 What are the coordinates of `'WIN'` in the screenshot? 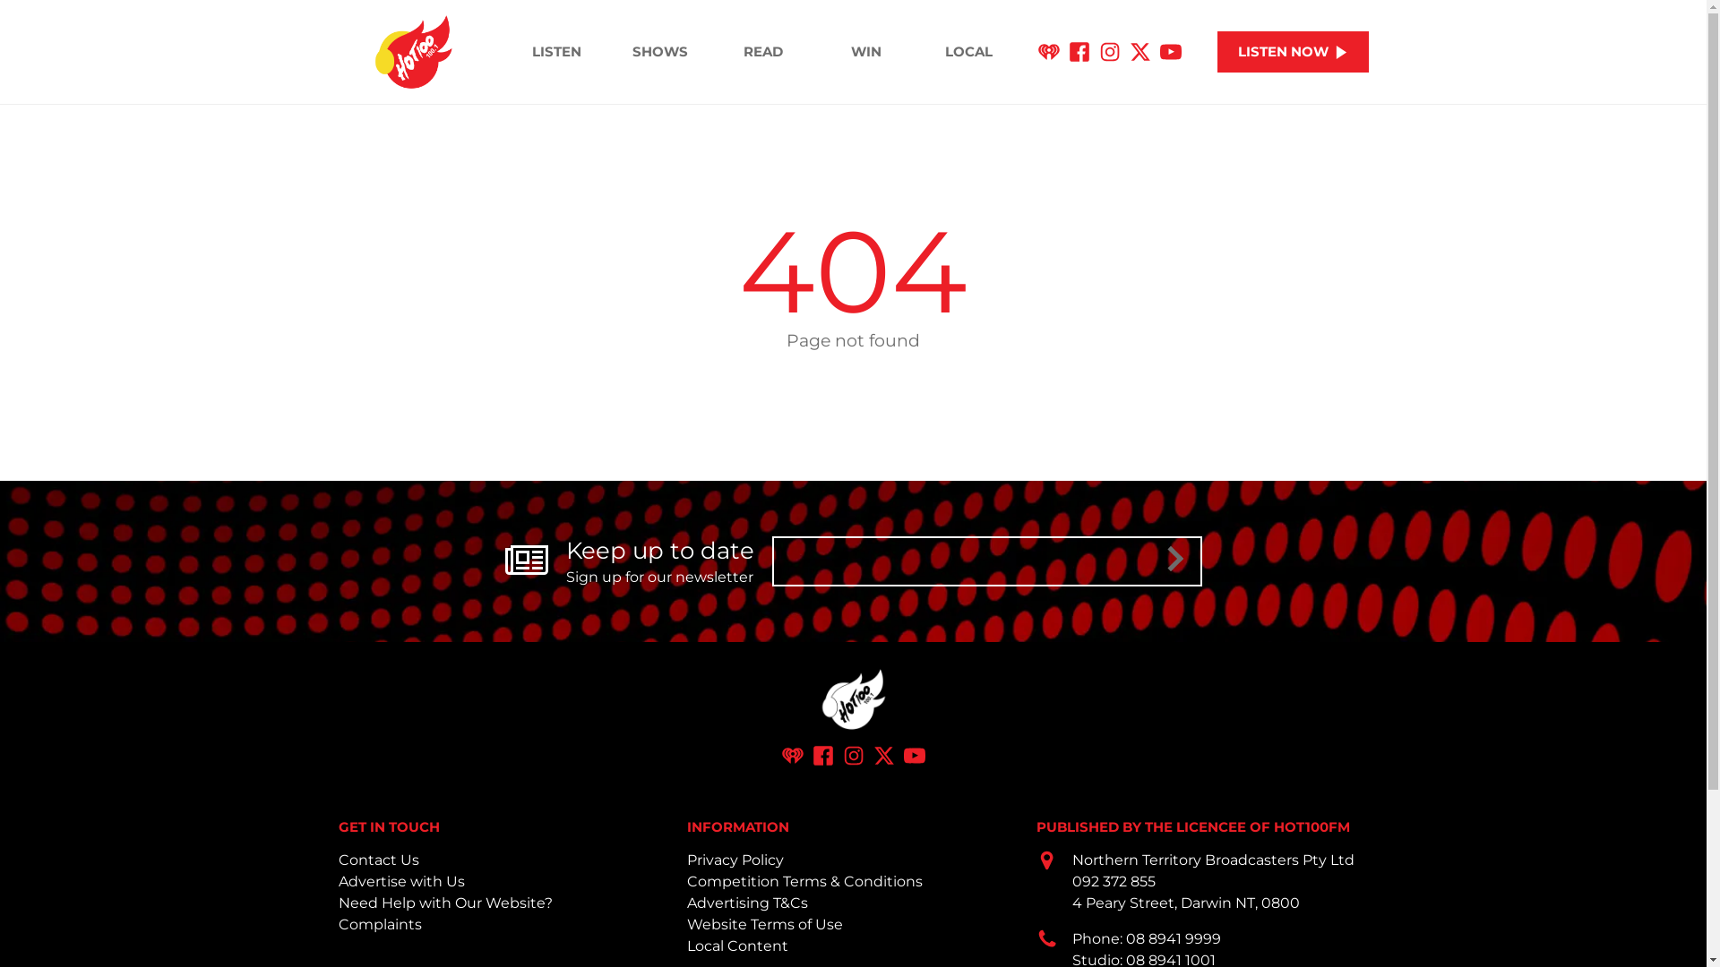 It's located at (865, 50).